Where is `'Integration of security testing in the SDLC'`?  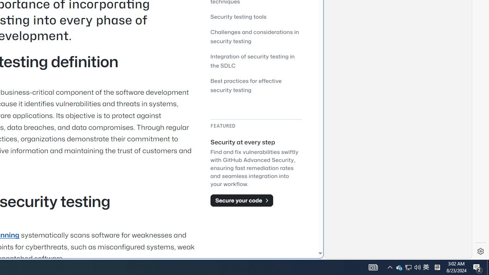 'Integration of security testing in the SDLC' is located at coordinates (253, 60).